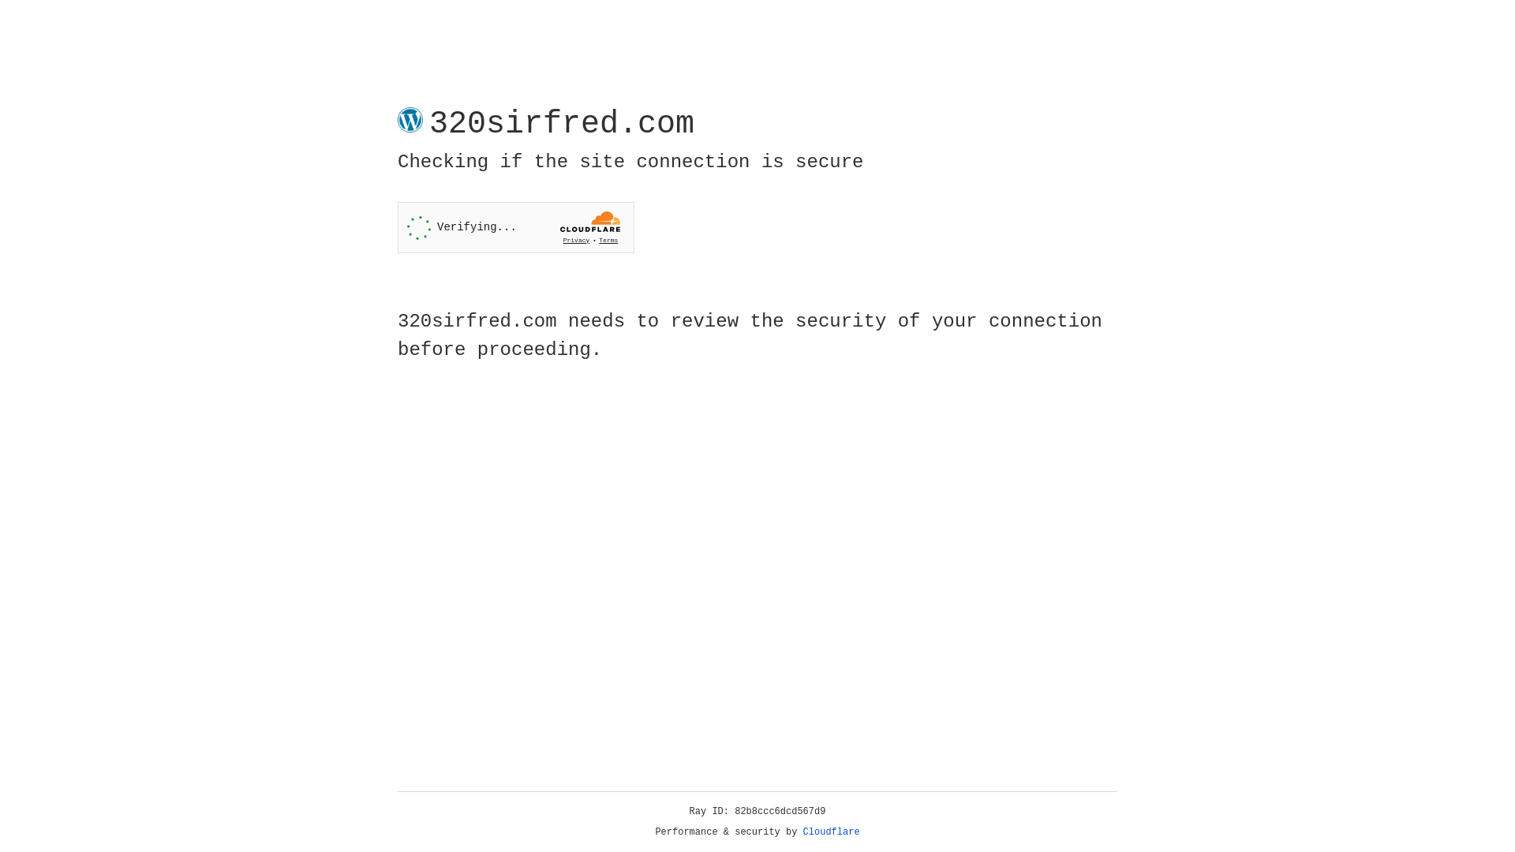 Image resolution: width=1515 pixels, height=852 pixels. Describe the element at coordinates (831, 831) in the screenshot. I see `'Cloudflare'` at that location.